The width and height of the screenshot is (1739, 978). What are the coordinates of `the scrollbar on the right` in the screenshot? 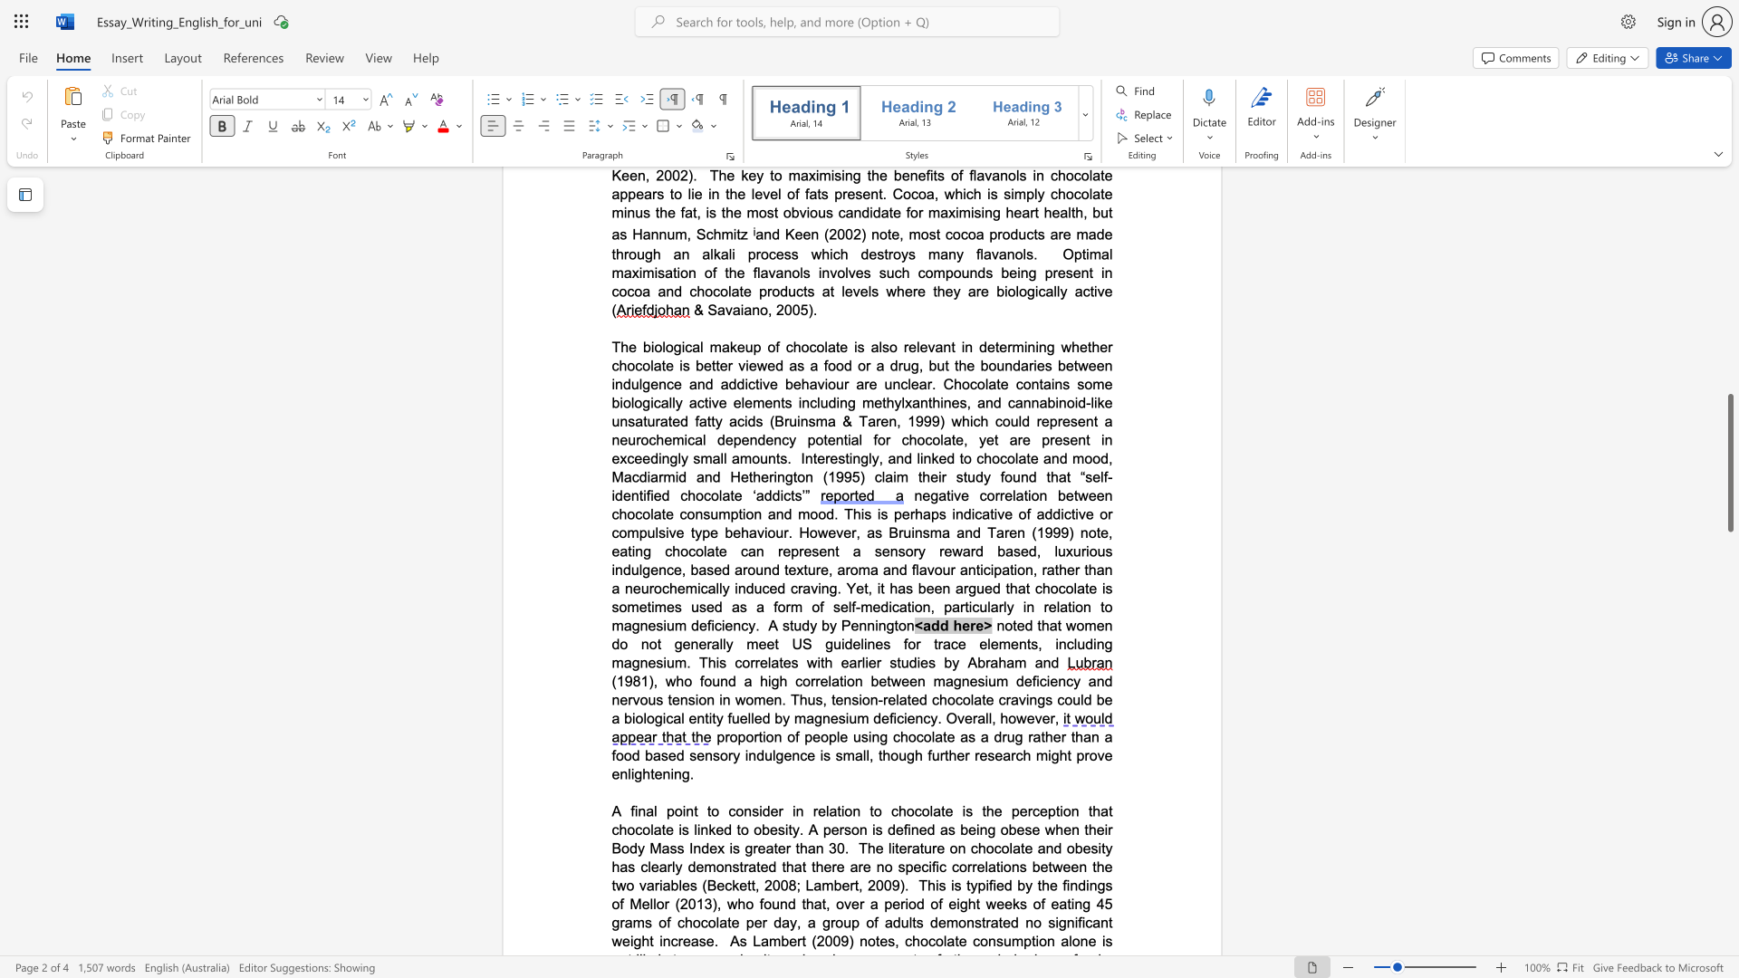 It's located at (1729, 254).